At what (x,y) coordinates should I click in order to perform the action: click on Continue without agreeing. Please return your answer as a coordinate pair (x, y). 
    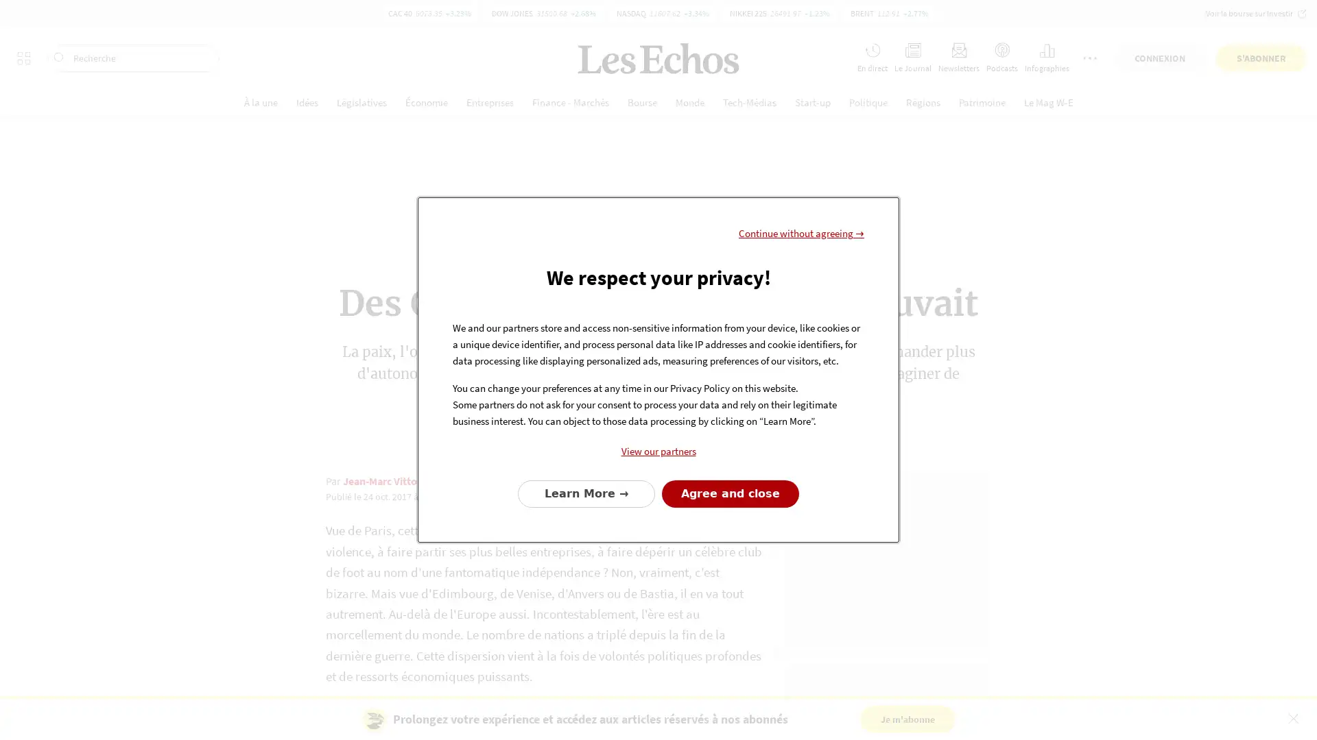
    Looking at the image, I should click on (801, 232).